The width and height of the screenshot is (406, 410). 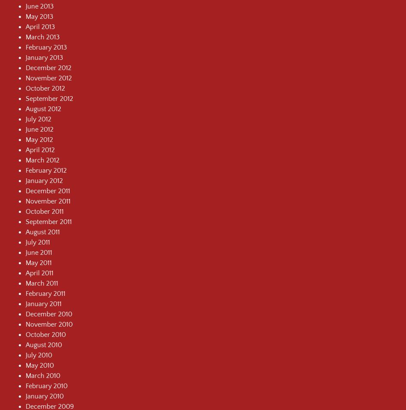 What do you see at coordinates (39, 15) in the screenshot?
I see `'May 2013'` at bounding box center [39, 15].